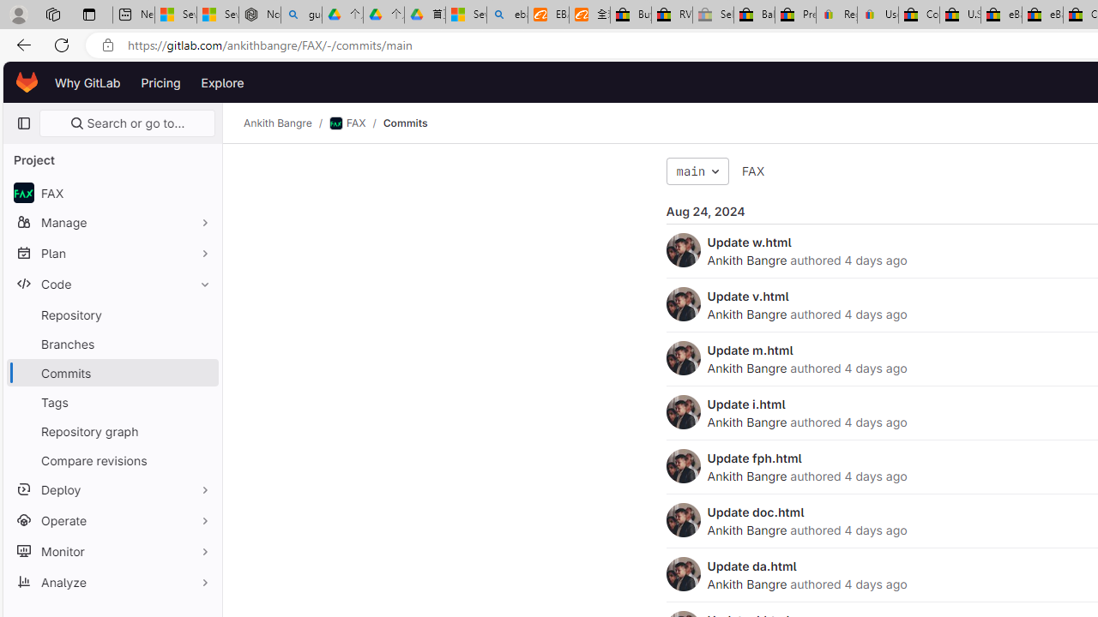 Image resolution: width=1098 pixels, height=617 pixels. Describe the element at coordinates (160, 82) in the screenshot. I see `'Pricing'` at that location.